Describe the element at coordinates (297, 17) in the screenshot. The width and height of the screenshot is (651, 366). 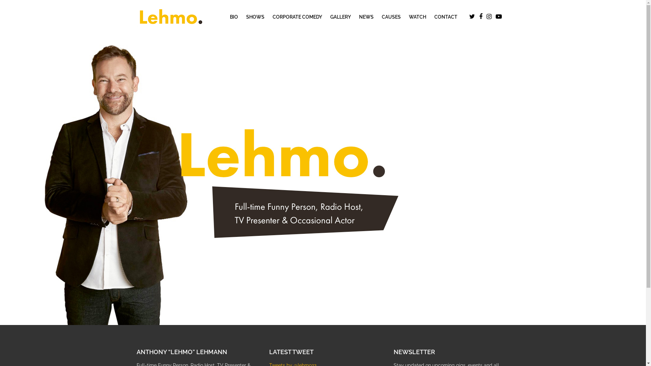
I see `'CORPORATE COMEDY'` at that location.